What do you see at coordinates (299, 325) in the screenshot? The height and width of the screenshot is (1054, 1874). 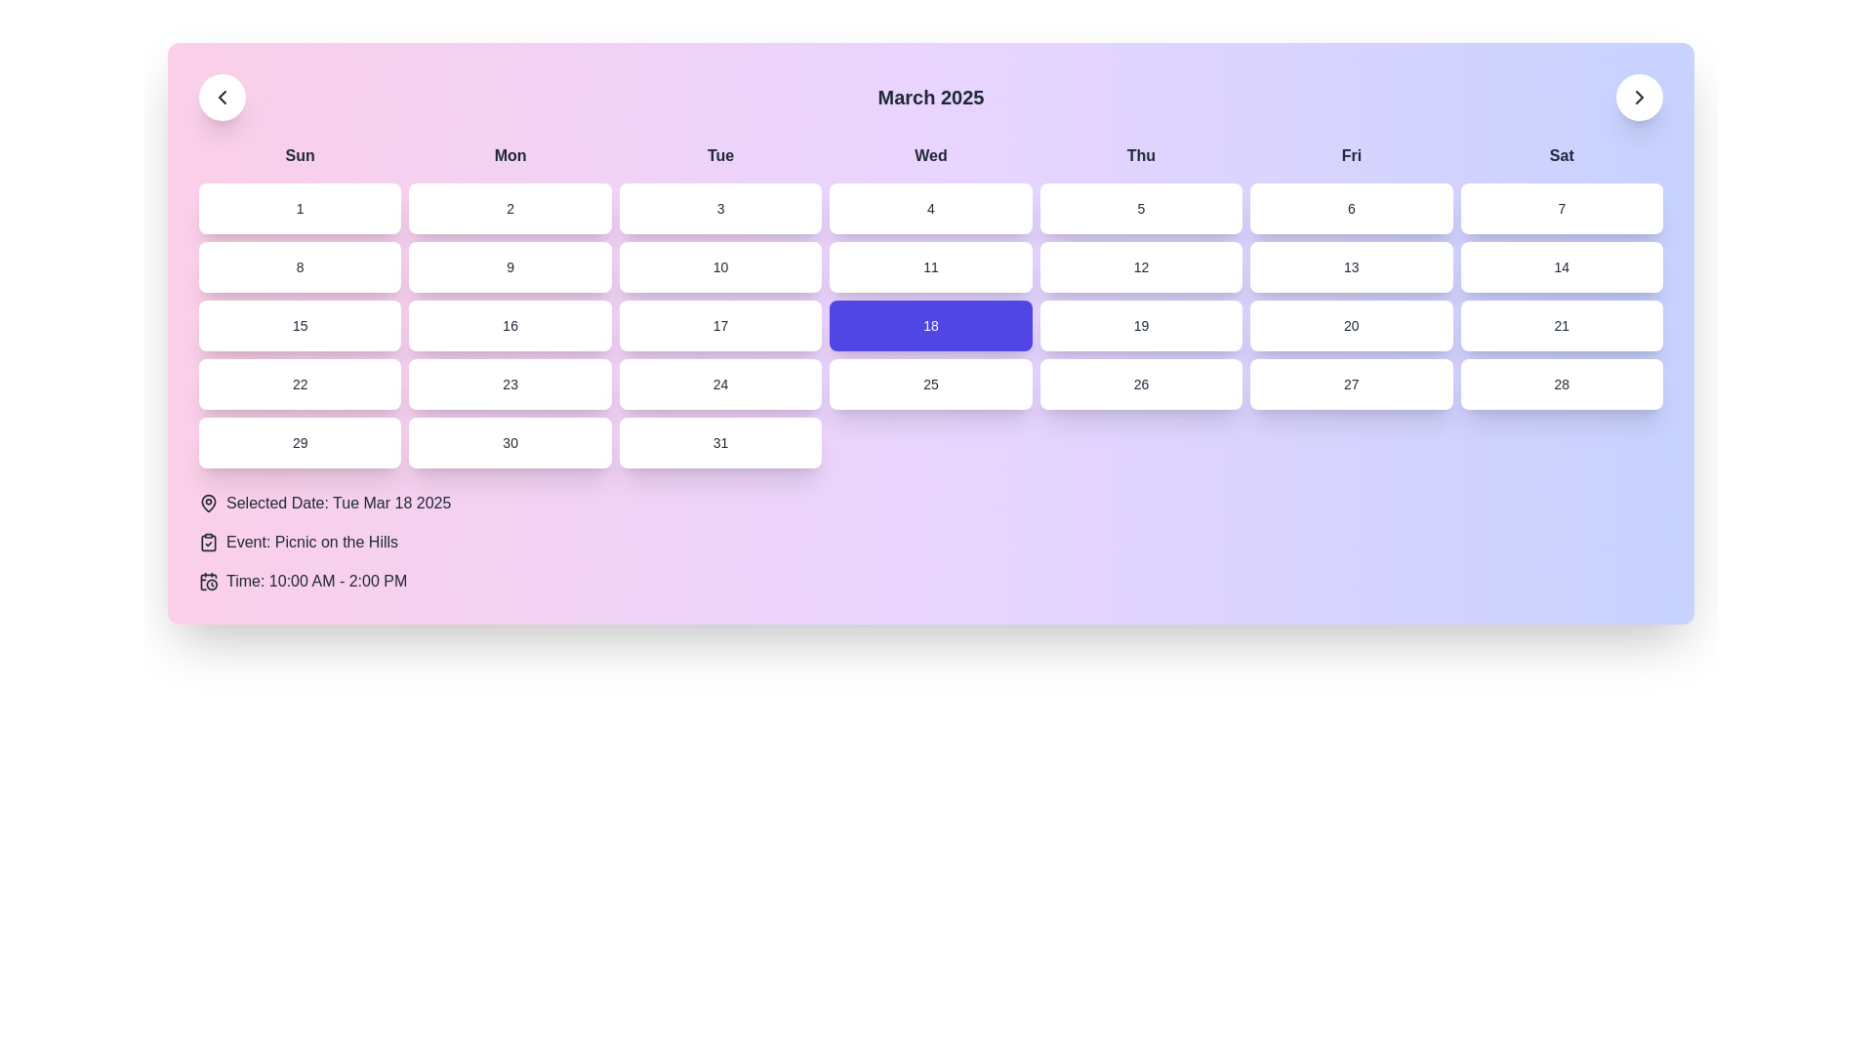 I see `the selectable date button representing the 15th day of the month in the calendar interface to change its background color` at bounding box center [299, 325].